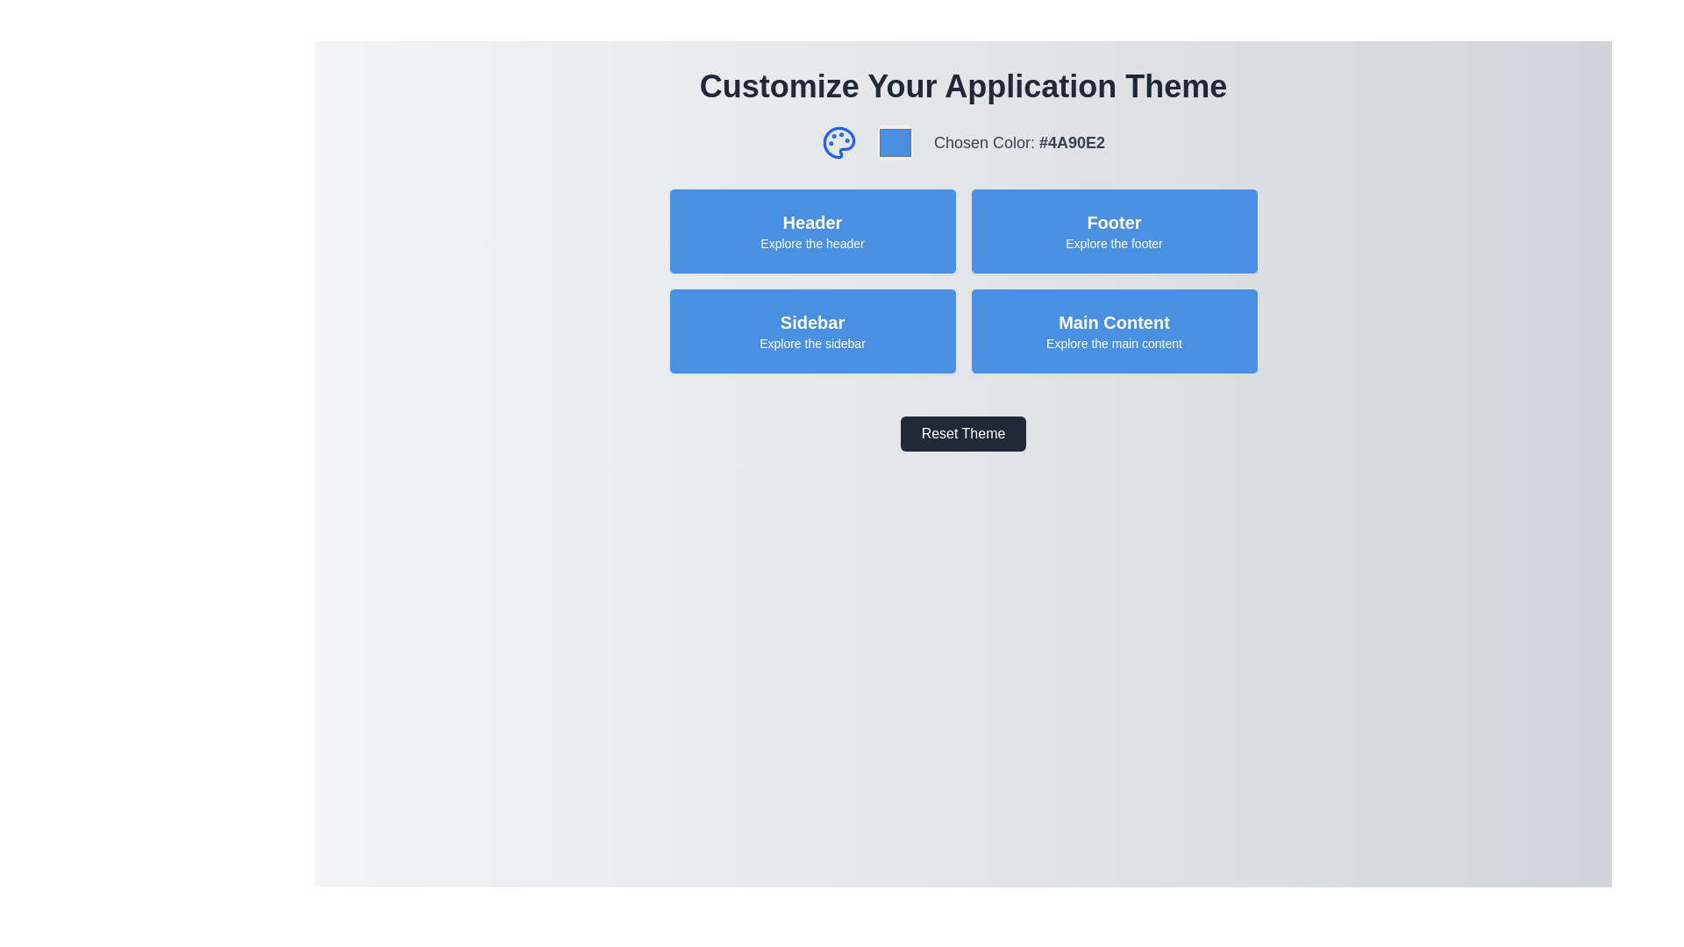  I want to click on the reset theme button located beneath the section of four blue rectangular buttons labeled 'Header', 'Footer', 'Sidebar', and 'Main Content' to change its appearance, so click(962, 433).